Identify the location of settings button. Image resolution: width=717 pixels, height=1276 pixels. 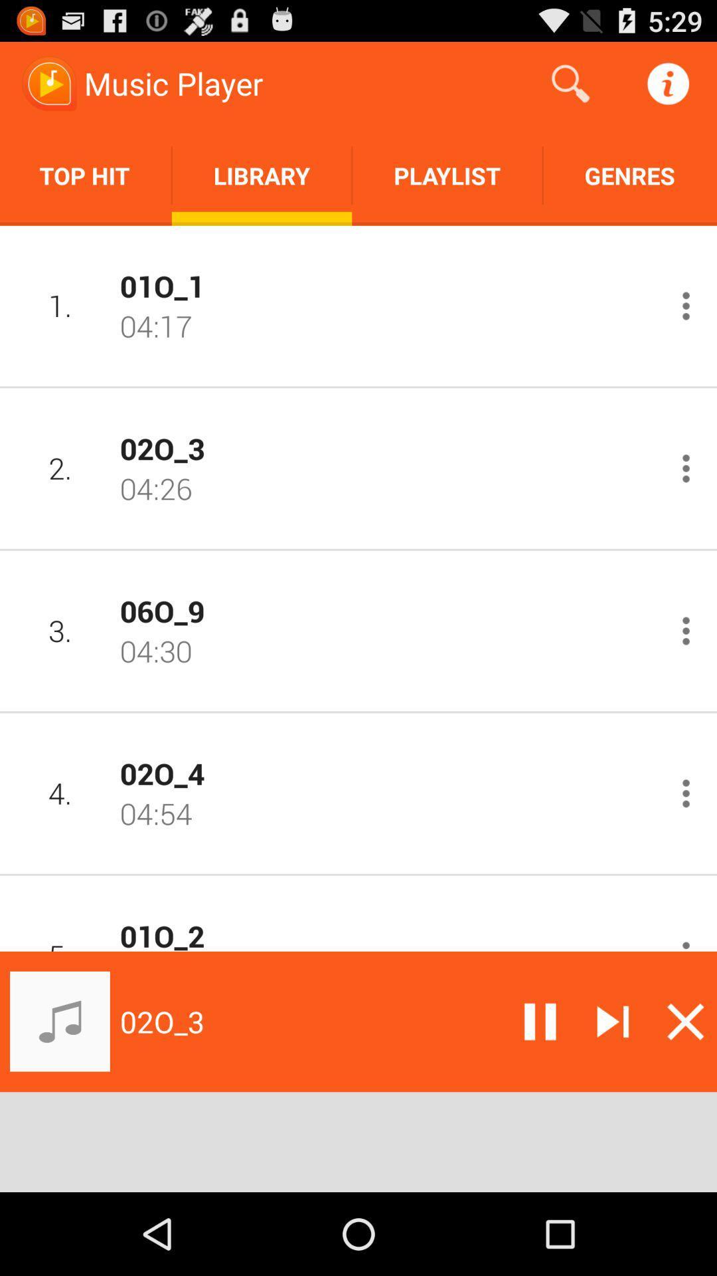
(686, 942).